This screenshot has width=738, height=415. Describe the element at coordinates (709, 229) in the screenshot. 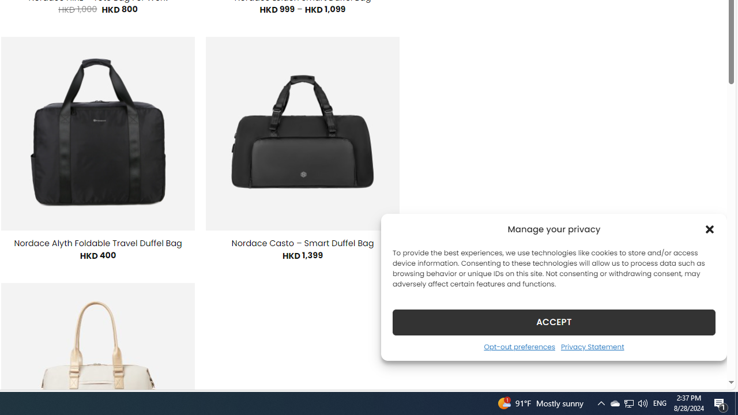

I see `'Class: cmplz-close'` at that location.